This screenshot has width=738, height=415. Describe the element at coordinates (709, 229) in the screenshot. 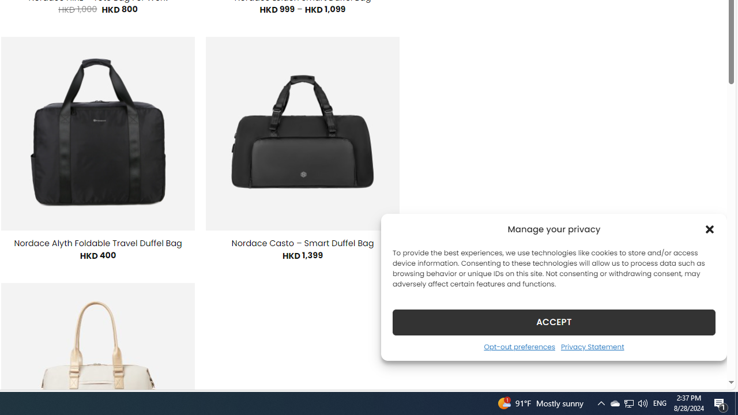

I see `'Class: cmplz-close'` at that location.